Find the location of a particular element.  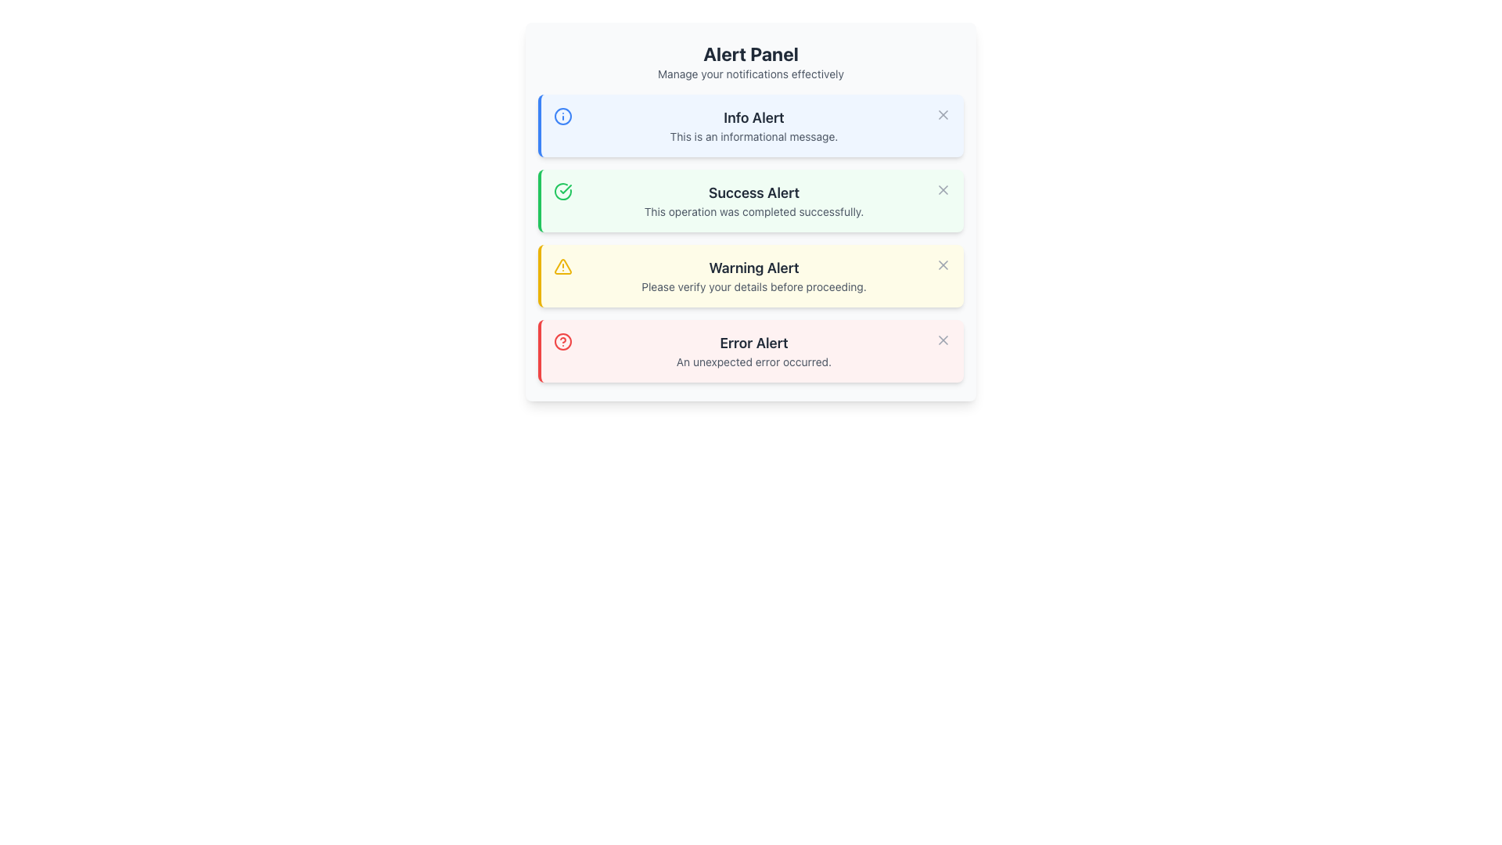

informational text located directly below the title of the 'Info Alert' component, which provides additional context to the user is located at coordinates (754, 135).